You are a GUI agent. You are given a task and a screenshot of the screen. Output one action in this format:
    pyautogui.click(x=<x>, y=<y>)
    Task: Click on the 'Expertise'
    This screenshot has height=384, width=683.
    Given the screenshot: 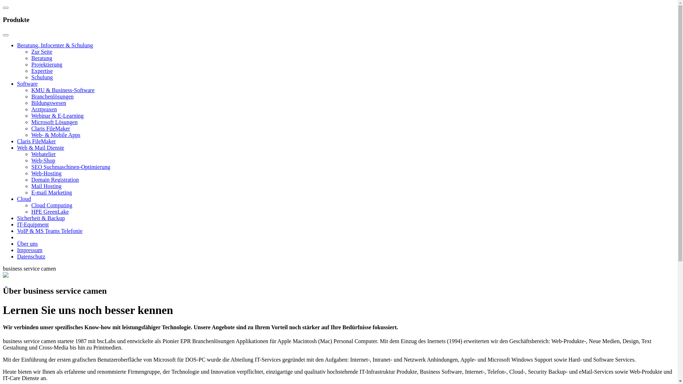 What is the action you would take?
    pyautogui.click(x=42, y=71)
    